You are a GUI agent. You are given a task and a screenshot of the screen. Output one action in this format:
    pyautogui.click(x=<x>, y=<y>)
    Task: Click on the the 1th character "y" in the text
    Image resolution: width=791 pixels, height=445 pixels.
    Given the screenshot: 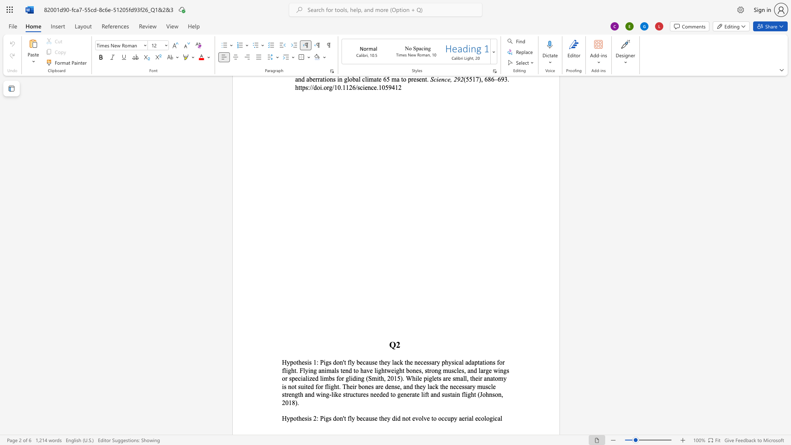 What is the action you would take?
    pyautogui.click(x=288, y=362)
    